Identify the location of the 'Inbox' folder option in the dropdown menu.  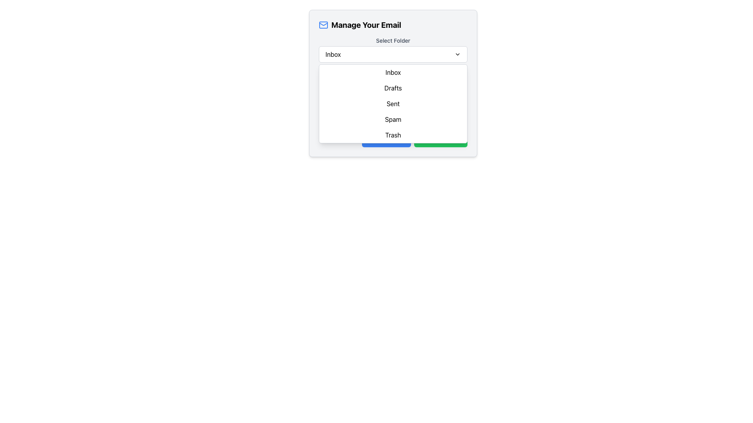
(393, 72).